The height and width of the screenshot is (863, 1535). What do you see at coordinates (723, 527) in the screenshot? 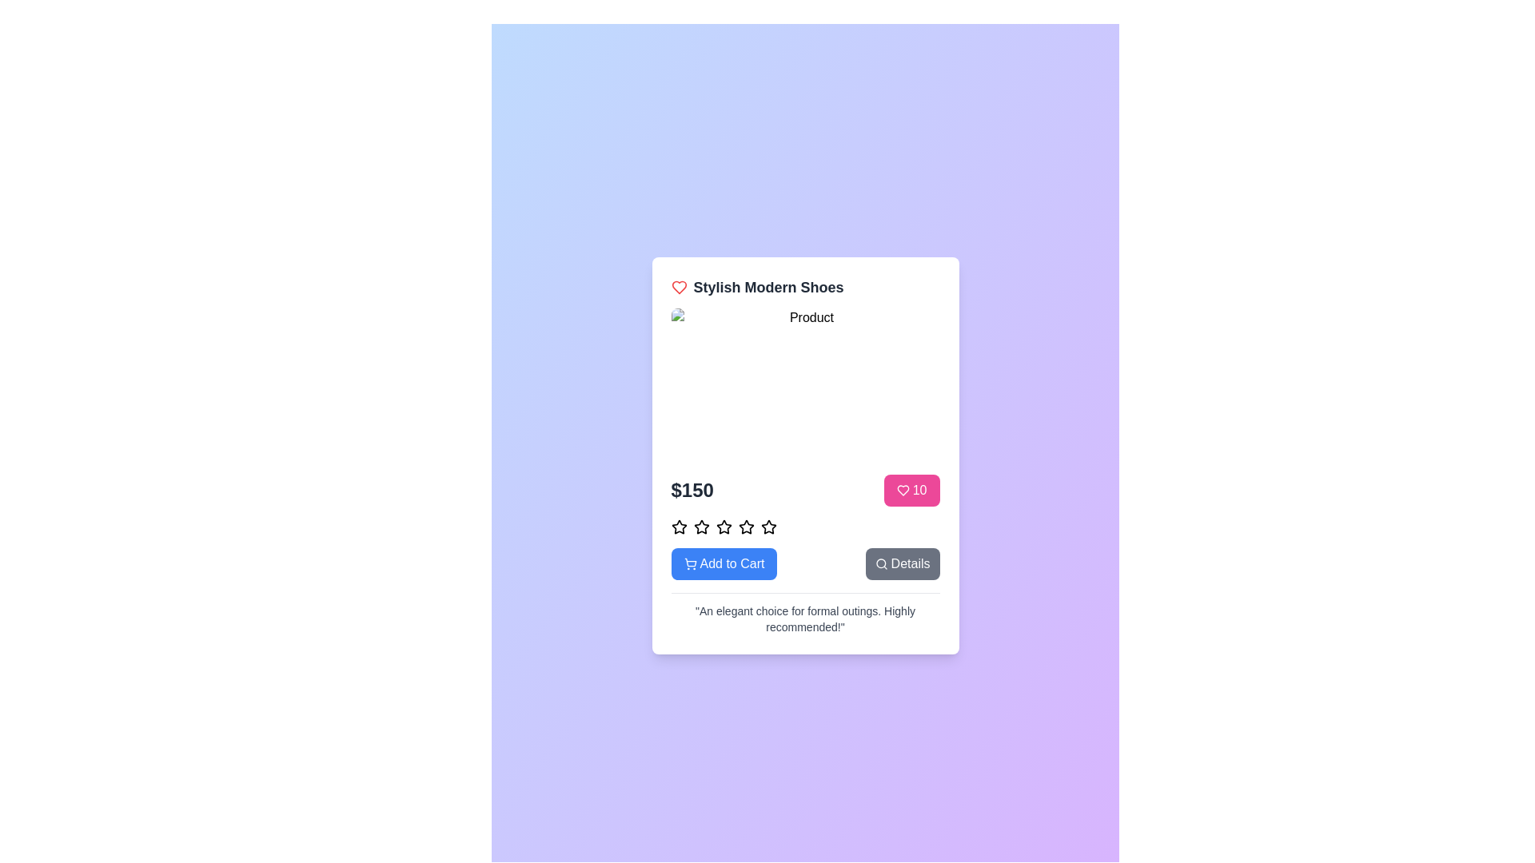
I see `the fifth star icon in the rating system` at bounding box center [723, 527].